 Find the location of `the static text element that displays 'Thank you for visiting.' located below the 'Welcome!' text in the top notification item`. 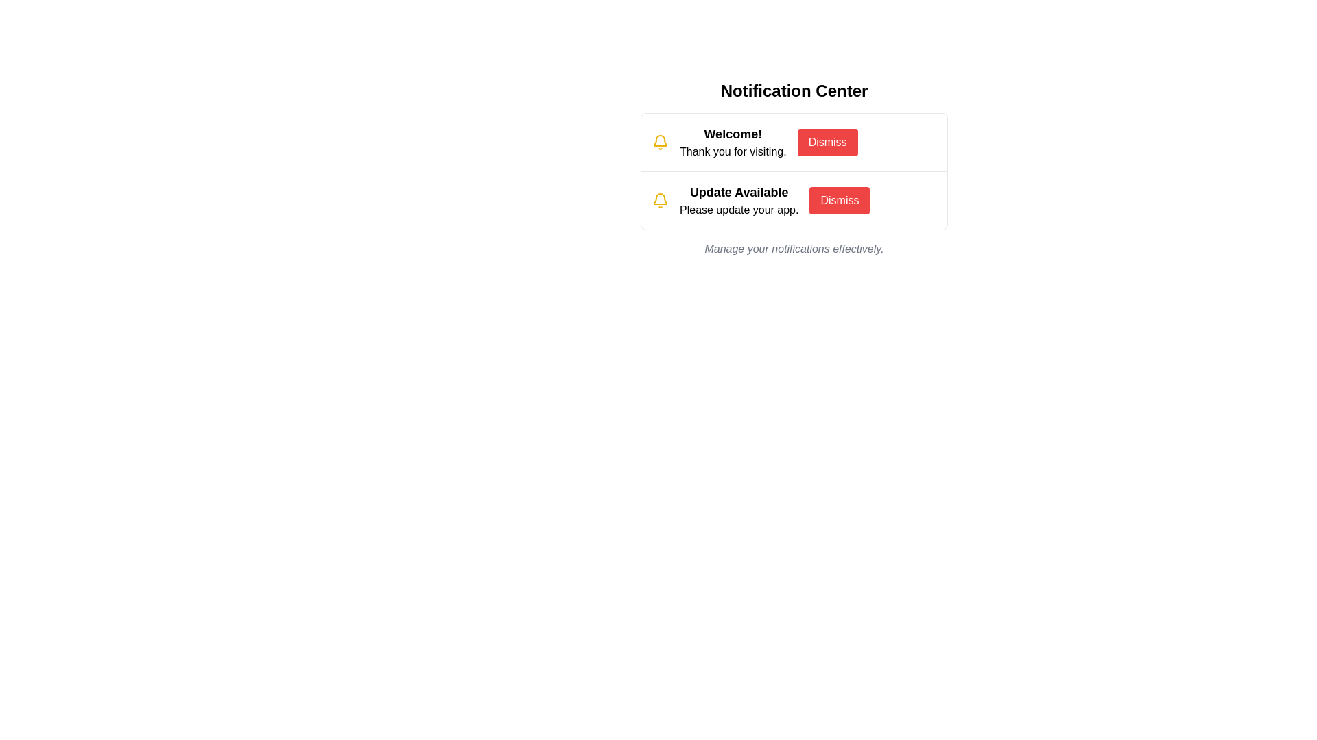

the static text element that displays 'Thank you for visiting.' located below the 'Welcome!' text in the top notification item is located at coordinates (732, 152).